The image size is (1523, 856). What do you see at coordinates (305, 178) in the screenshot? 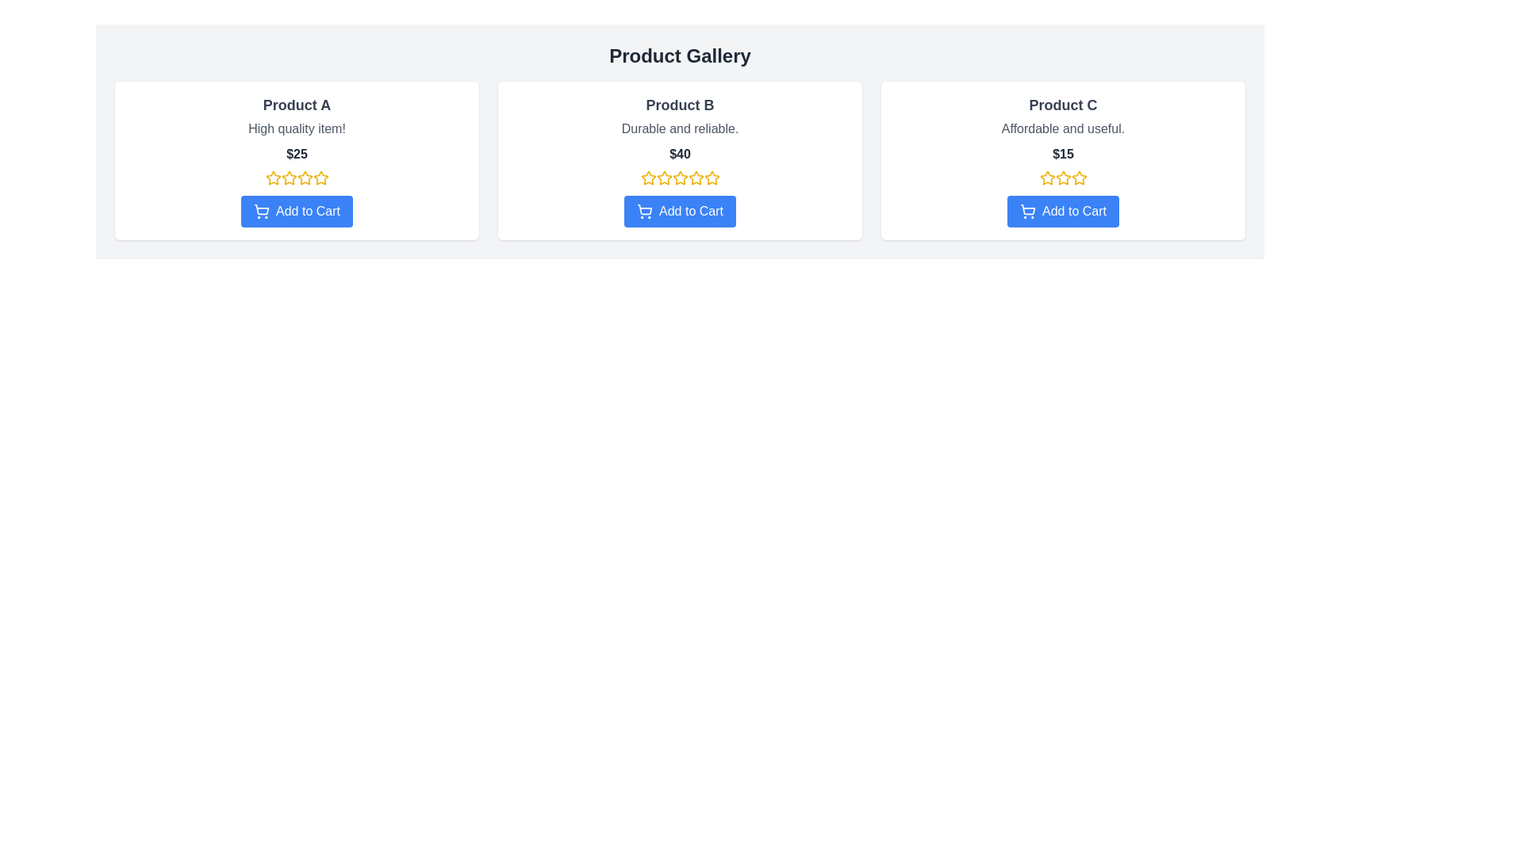
I see `the yellow star icon located below the price and above the 'Add to Cart' button in the 'Product A' card` at bounding box center [305, 178].